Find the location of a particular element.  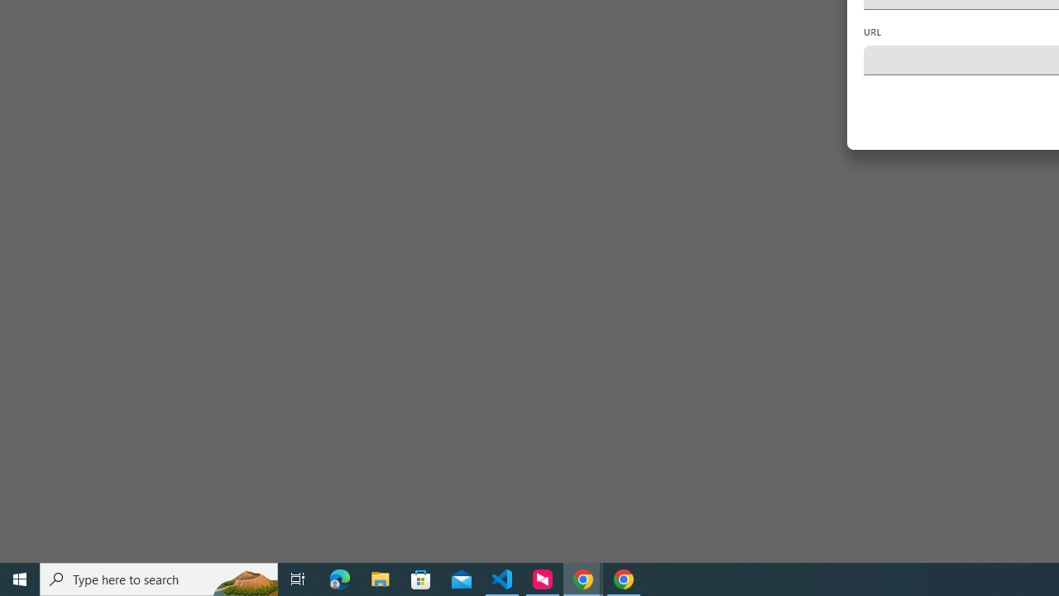

'Google Chrome - 1 running window' is located at coordinates (623, 578).